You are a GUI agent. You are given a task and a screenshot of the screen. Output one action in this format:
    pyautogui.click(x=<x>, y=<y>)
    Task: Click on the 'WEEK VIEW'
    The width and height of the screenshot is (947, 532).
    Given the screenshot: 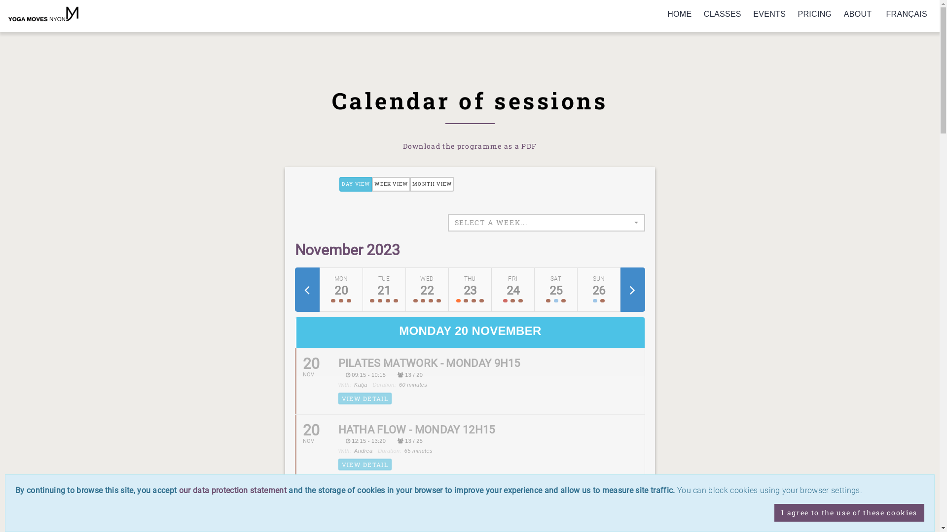 What is the action you would take?
    pyautogui.click(x=390, y=184)
    